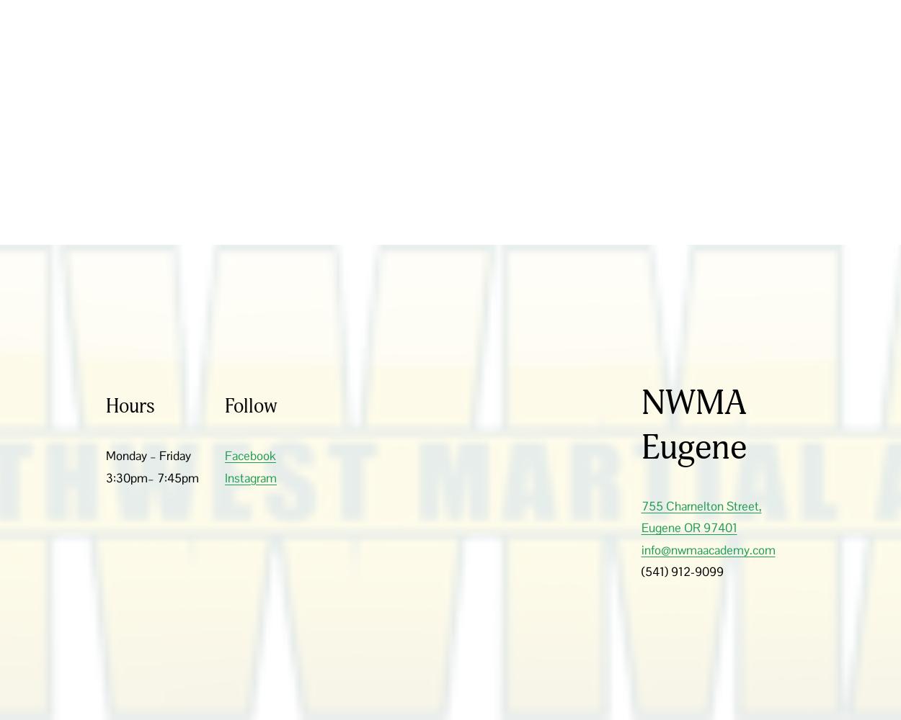 The height and width of the screenshot is (720, 901). I want to click on 'Hours', so click(130, 405).